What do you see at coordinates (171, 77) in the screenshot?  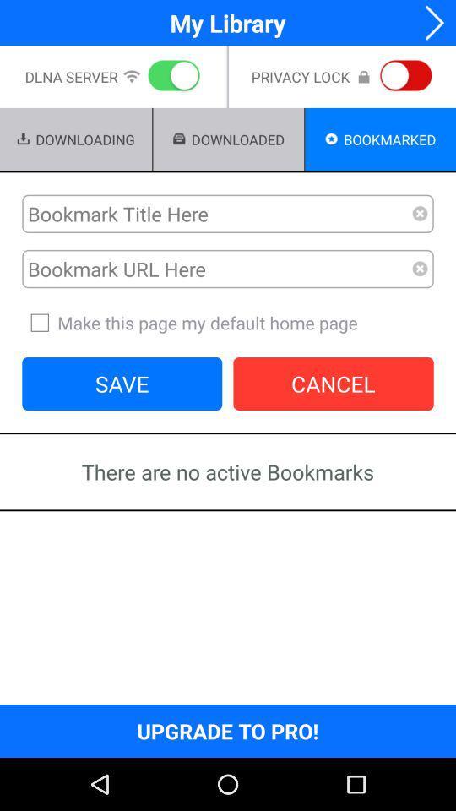 I see `the icon below the my library icon` at bounding box center [171, 77].